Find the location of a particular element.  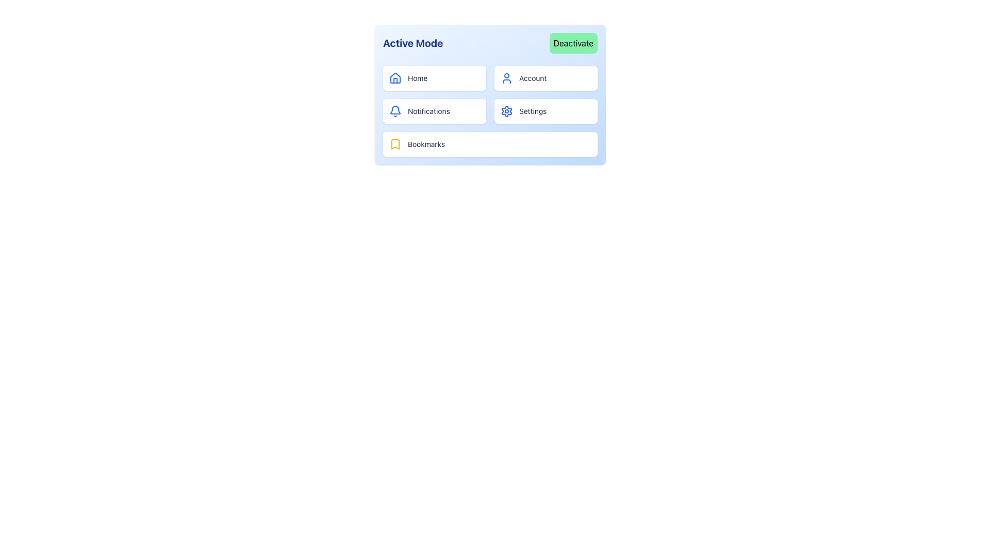

the 'Bookmarks' text label located to the right of the icon in the bottom-left corner of the UI, under the 'Notifications' option is located at coordinates (426, 144).